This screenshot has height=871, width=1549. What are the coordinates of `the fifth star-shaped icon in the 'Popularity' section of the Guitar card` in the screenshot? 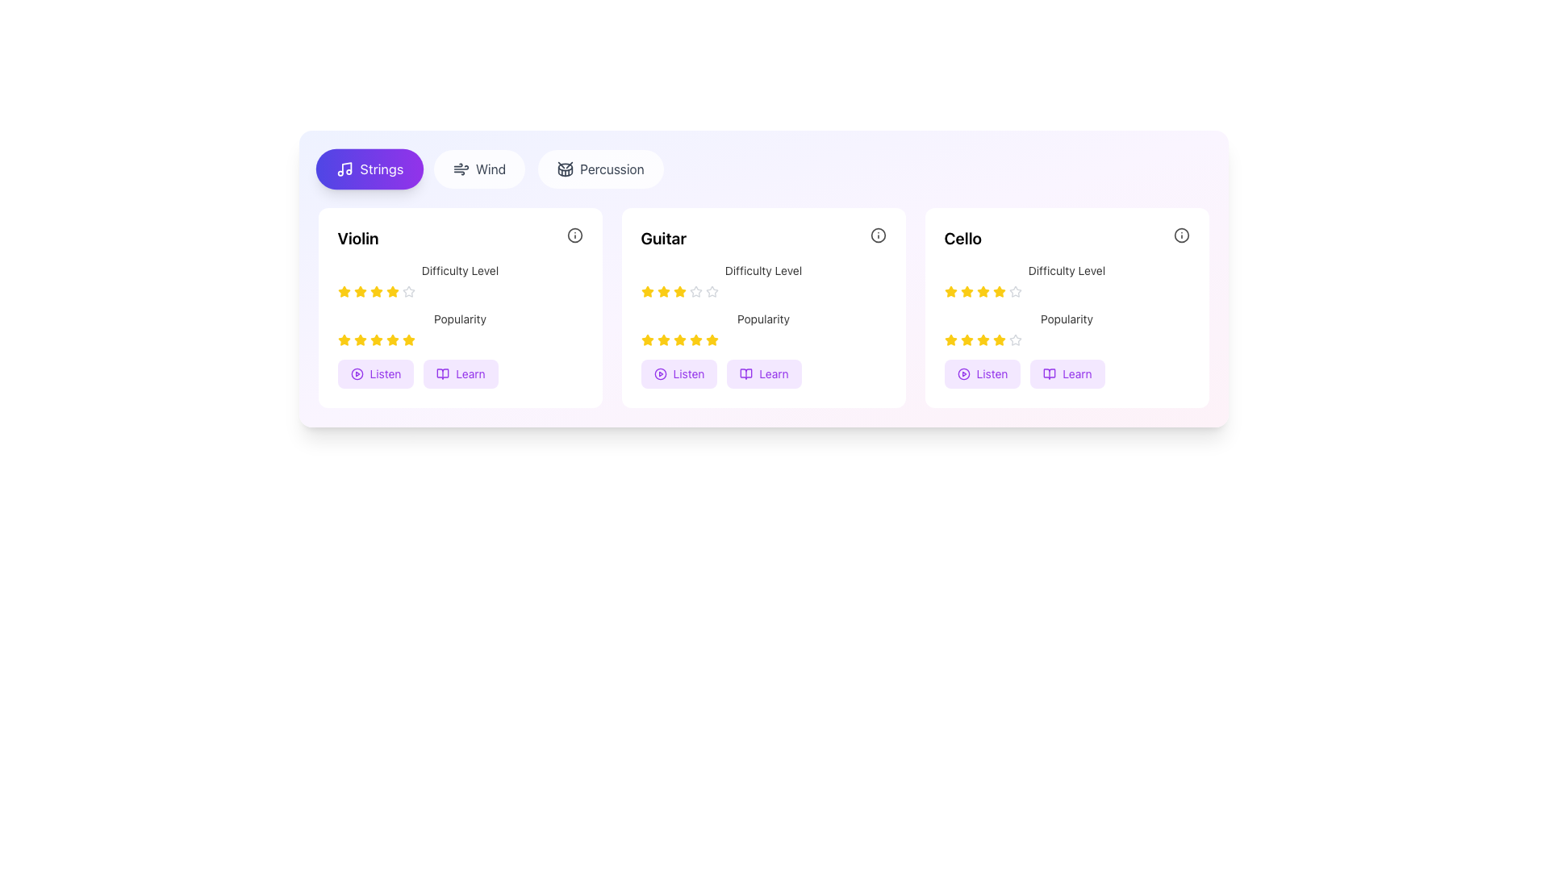 It's located at (679, 339).